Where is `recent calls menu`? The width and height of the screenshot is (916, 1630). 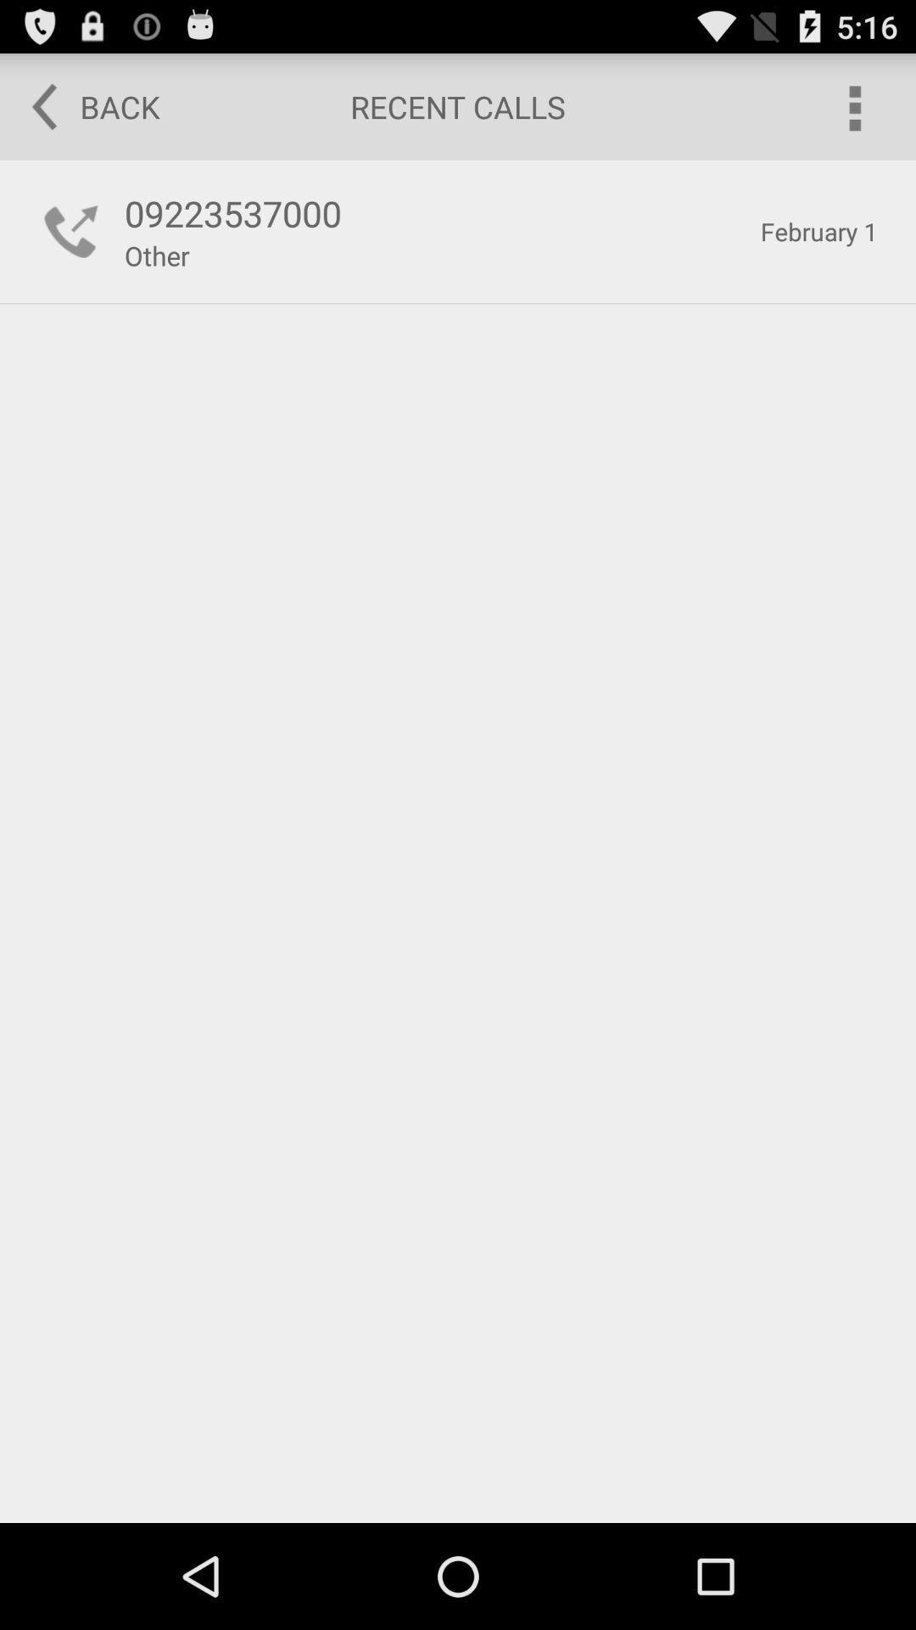 recent calls menu is located at coordinates (853, 105).